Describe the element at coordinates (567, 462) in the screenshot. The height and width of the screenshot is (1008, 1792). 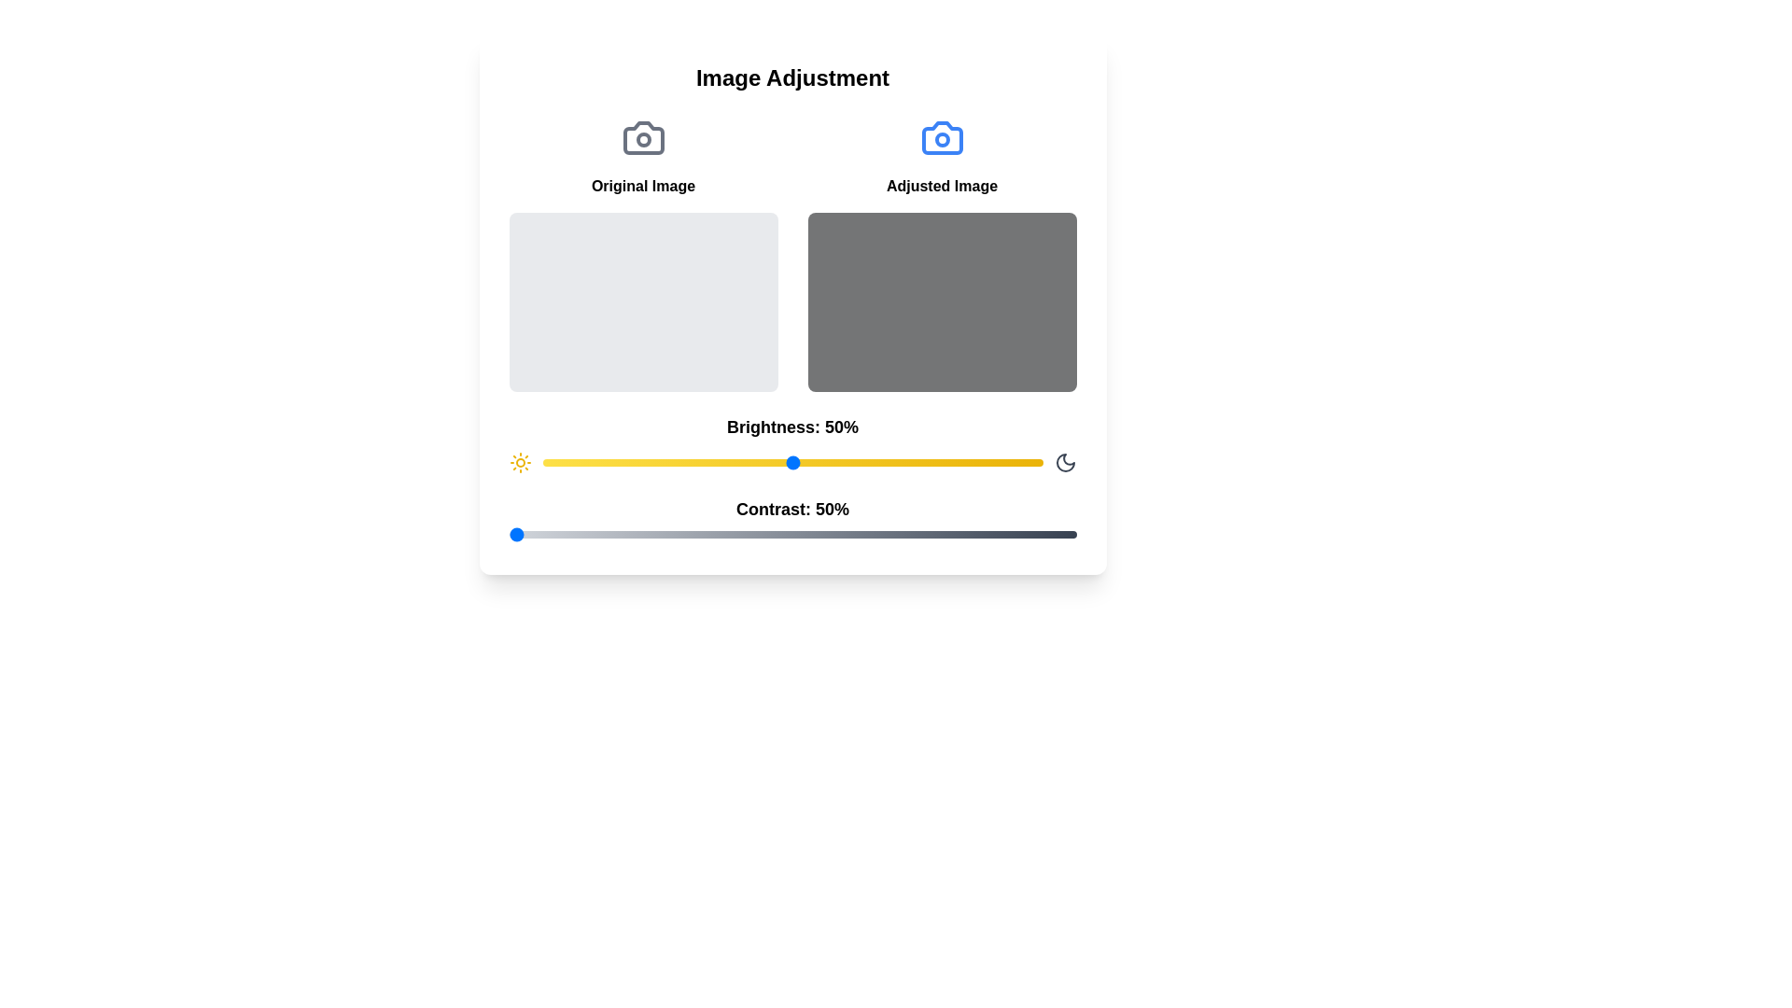
I see `the slider value` at that location.